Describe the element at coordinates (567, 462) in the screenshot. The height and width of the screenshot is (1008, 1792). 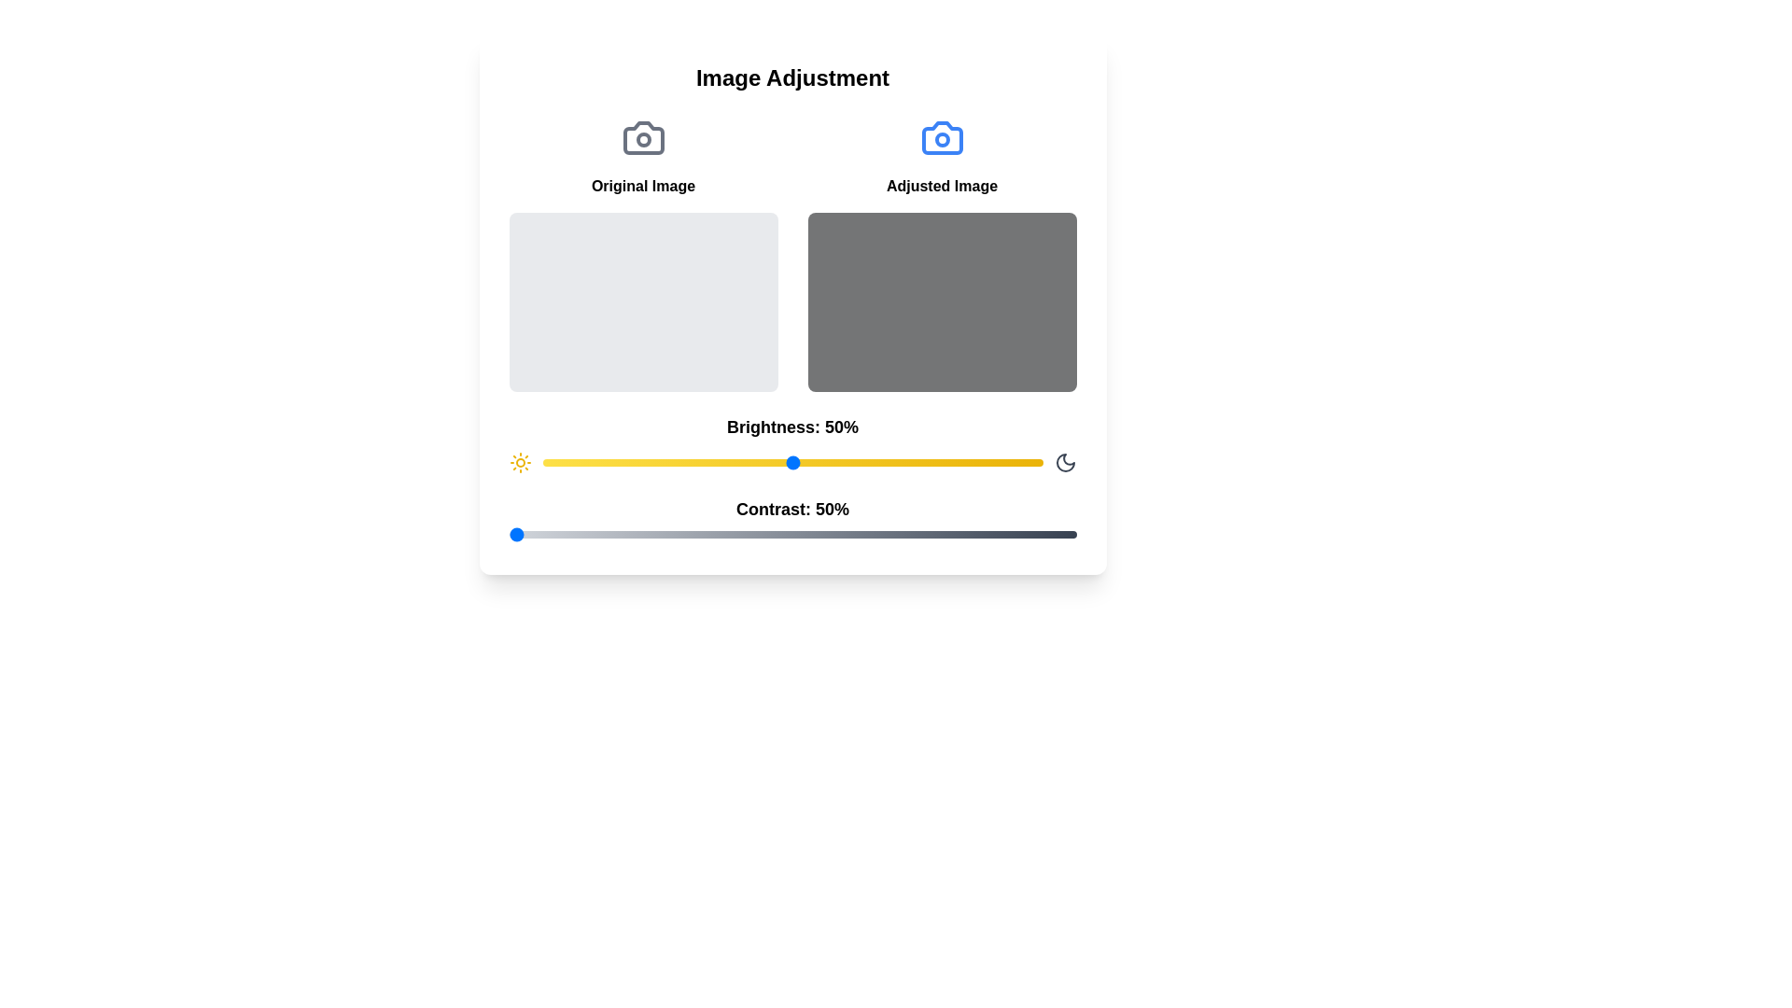
I see `the slider value` at that location.